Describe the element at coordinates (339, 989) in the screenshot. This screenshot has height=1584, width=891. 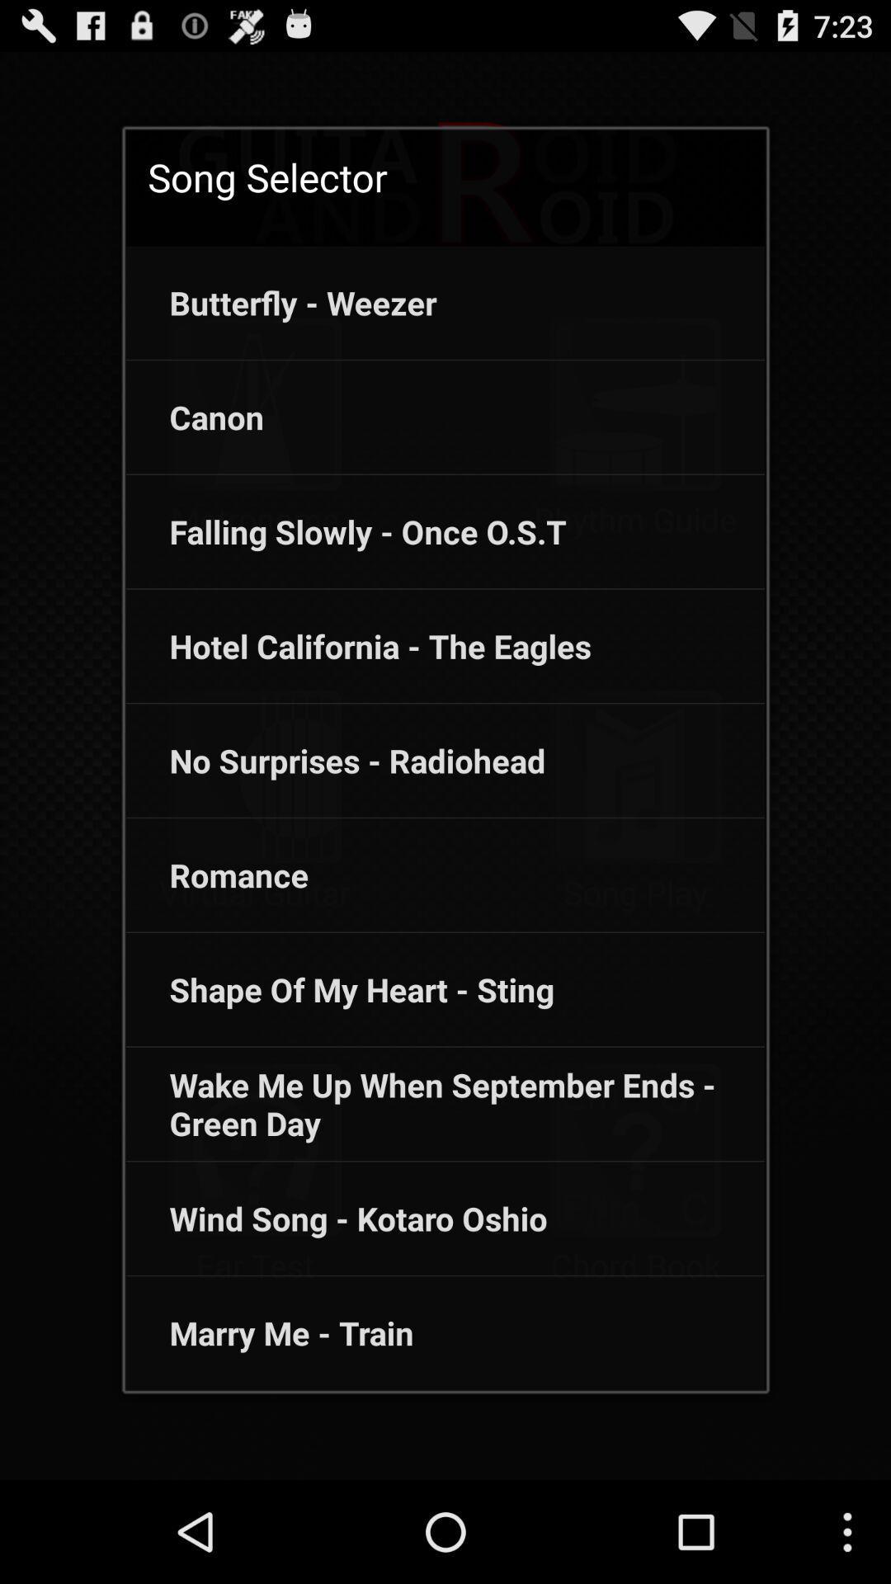
I see `item above the wake me up` at that location.